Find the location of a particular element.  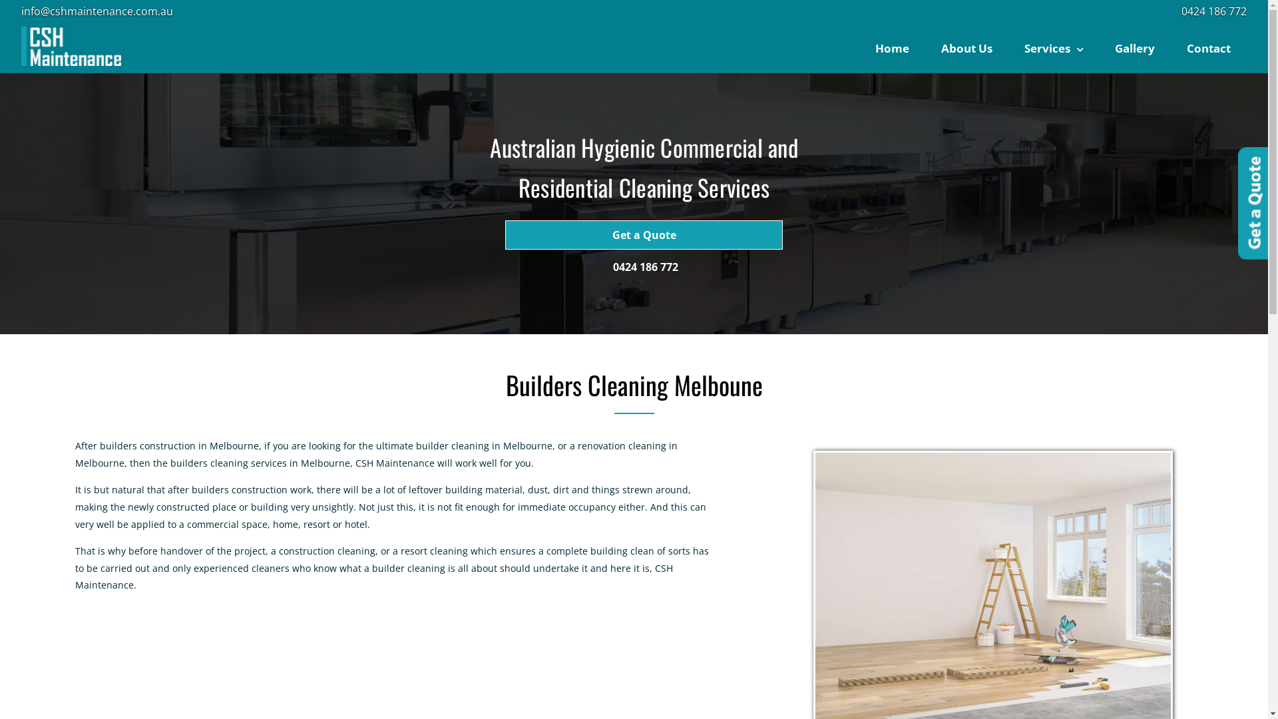

'Gallery' is located at coordinates (1134, 47).